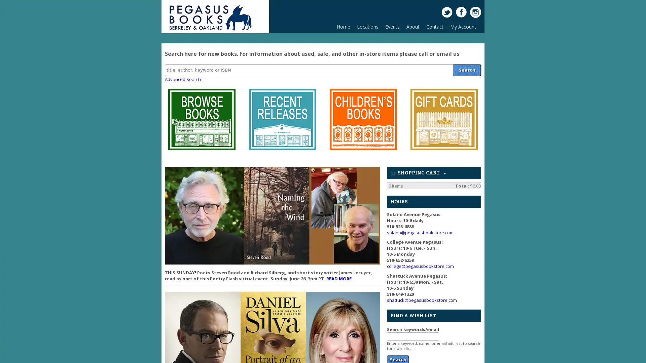  I want to click on Search, so click(466, 70).